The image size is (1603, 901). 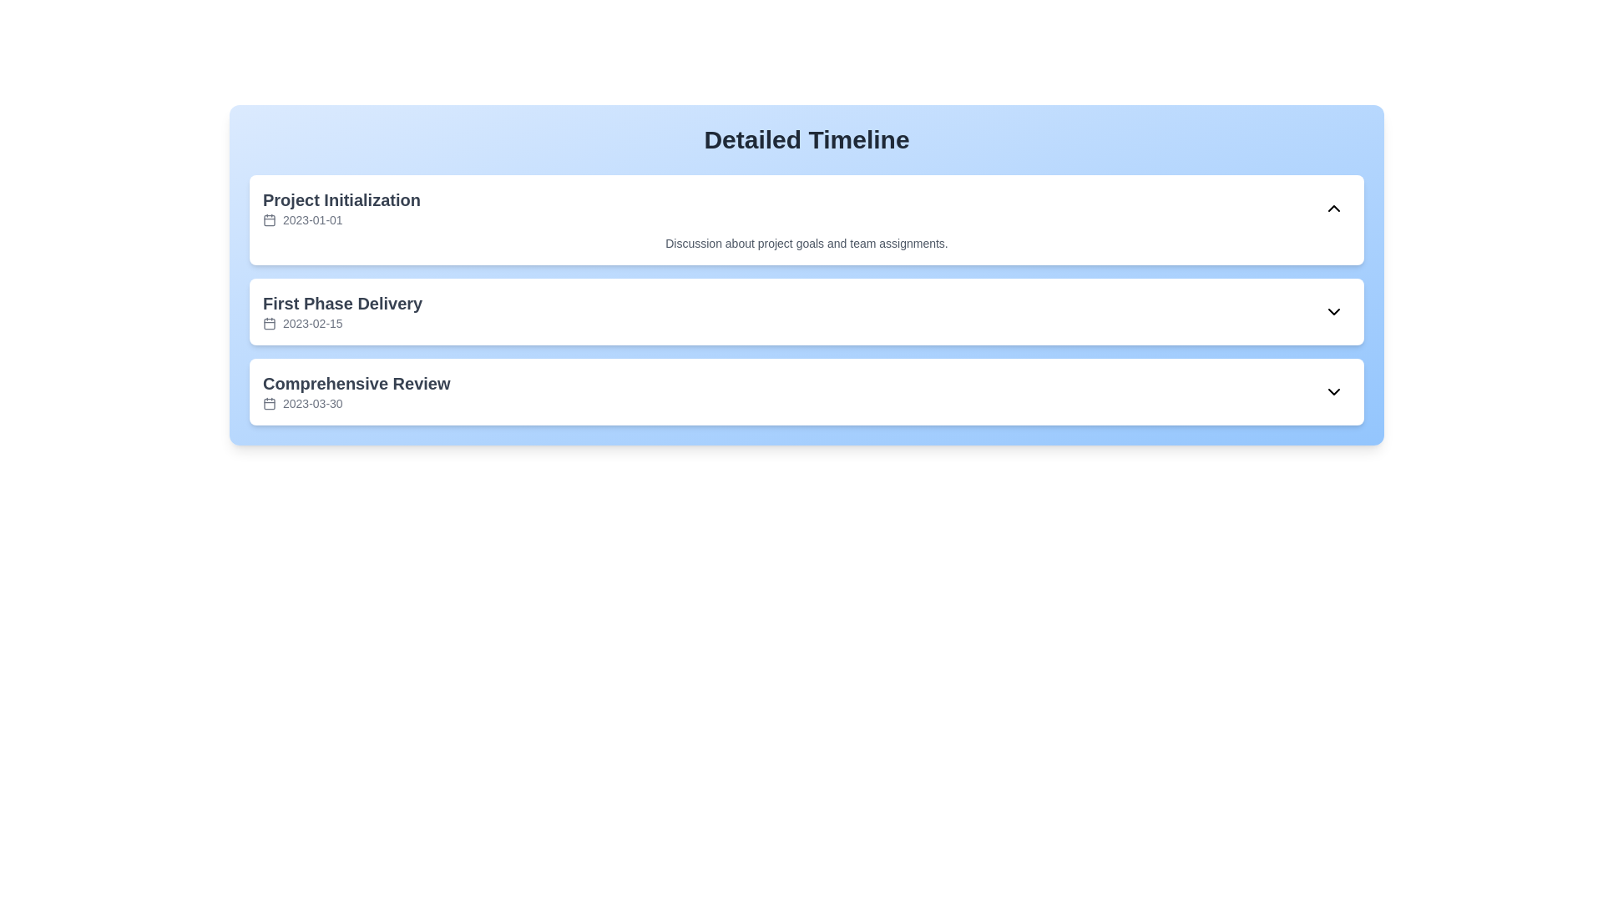 What do you see at coordinates (1333, 208) in the screenshot?
I see `the upward-pointing black triangular icon` at bounding box center [1333, 208].